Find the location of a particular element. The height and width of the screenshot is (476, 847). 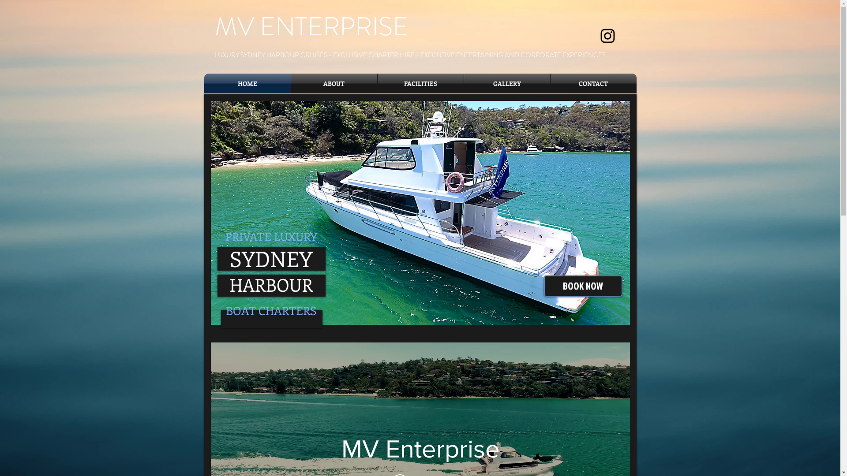

'CONTACT' is located at coordinates (593, 83).